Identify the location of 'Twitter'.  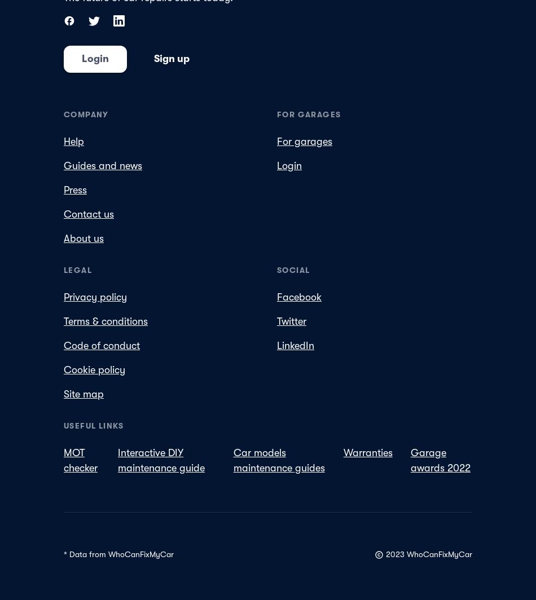
(291, 321).